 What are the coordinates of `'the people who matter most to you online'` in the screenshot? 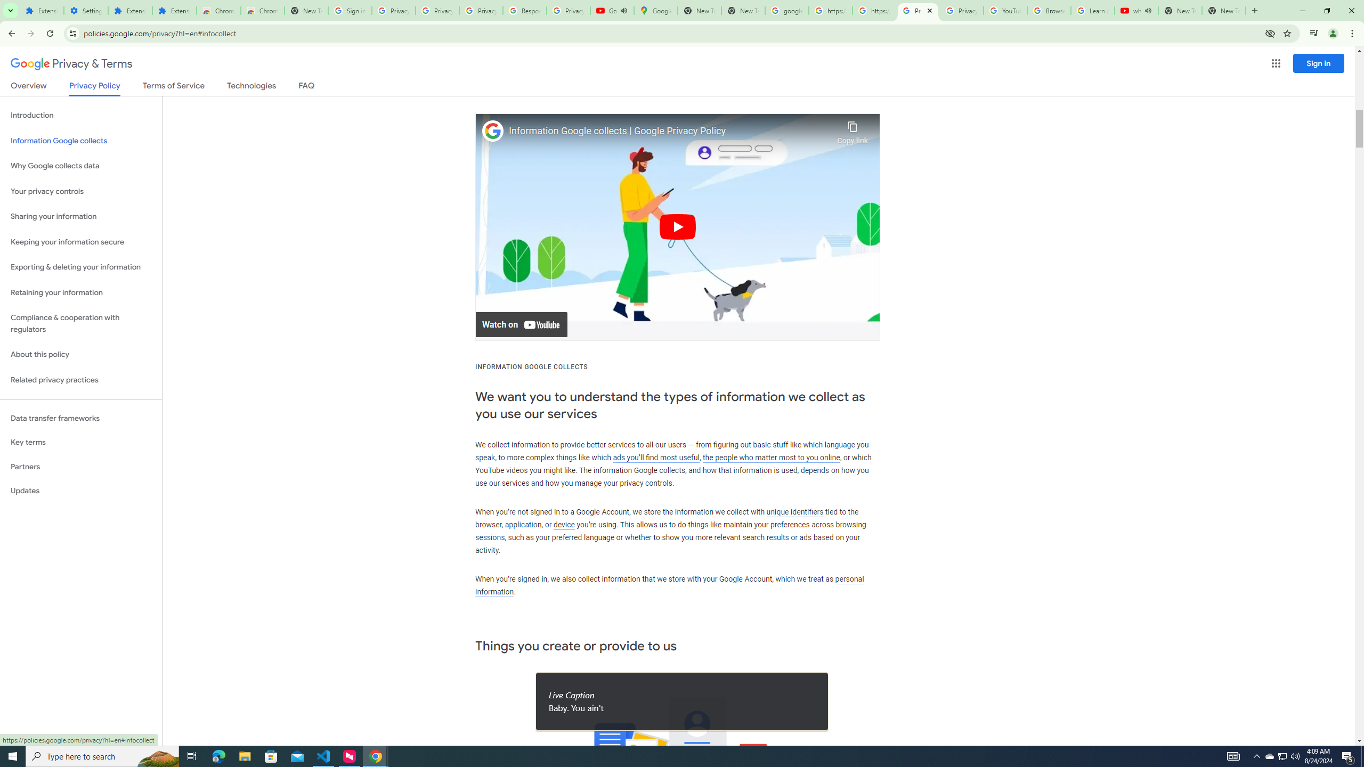 It's located at (771, 456).